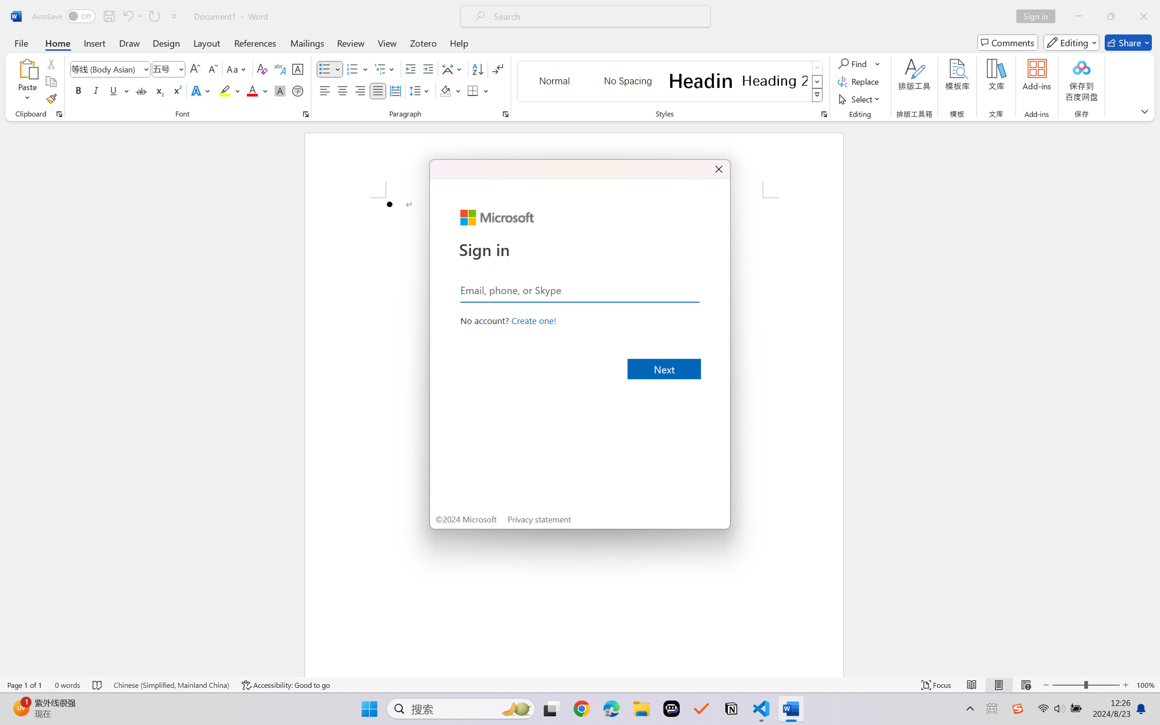 Image resolution: width=1160 pixels, height=725 pixels. I want to click on 'Undo Bullet Default', so click(131, 16).